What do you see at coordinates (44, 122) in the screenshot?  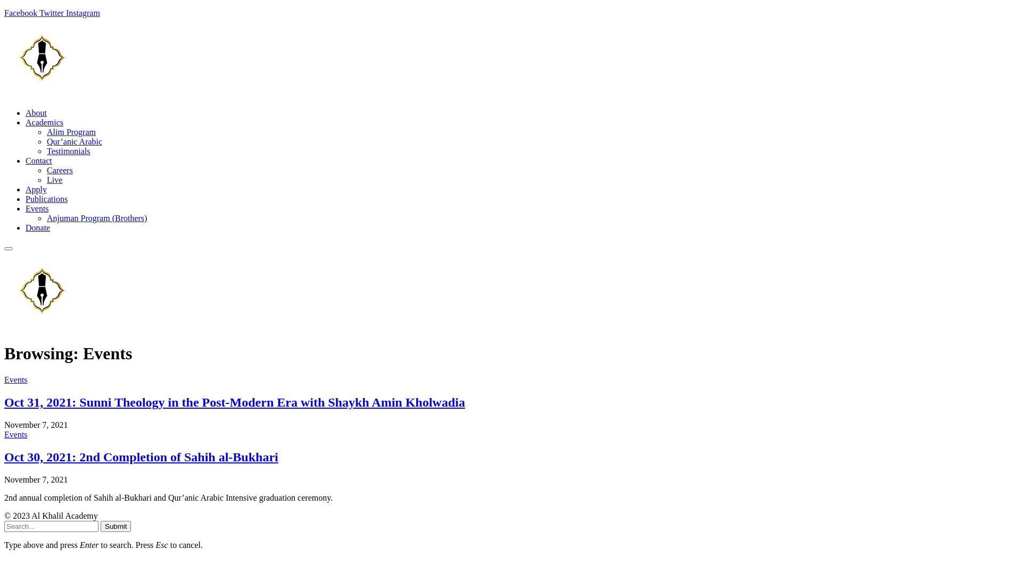 I see `'Academics'` at bounding box center [44, 122].